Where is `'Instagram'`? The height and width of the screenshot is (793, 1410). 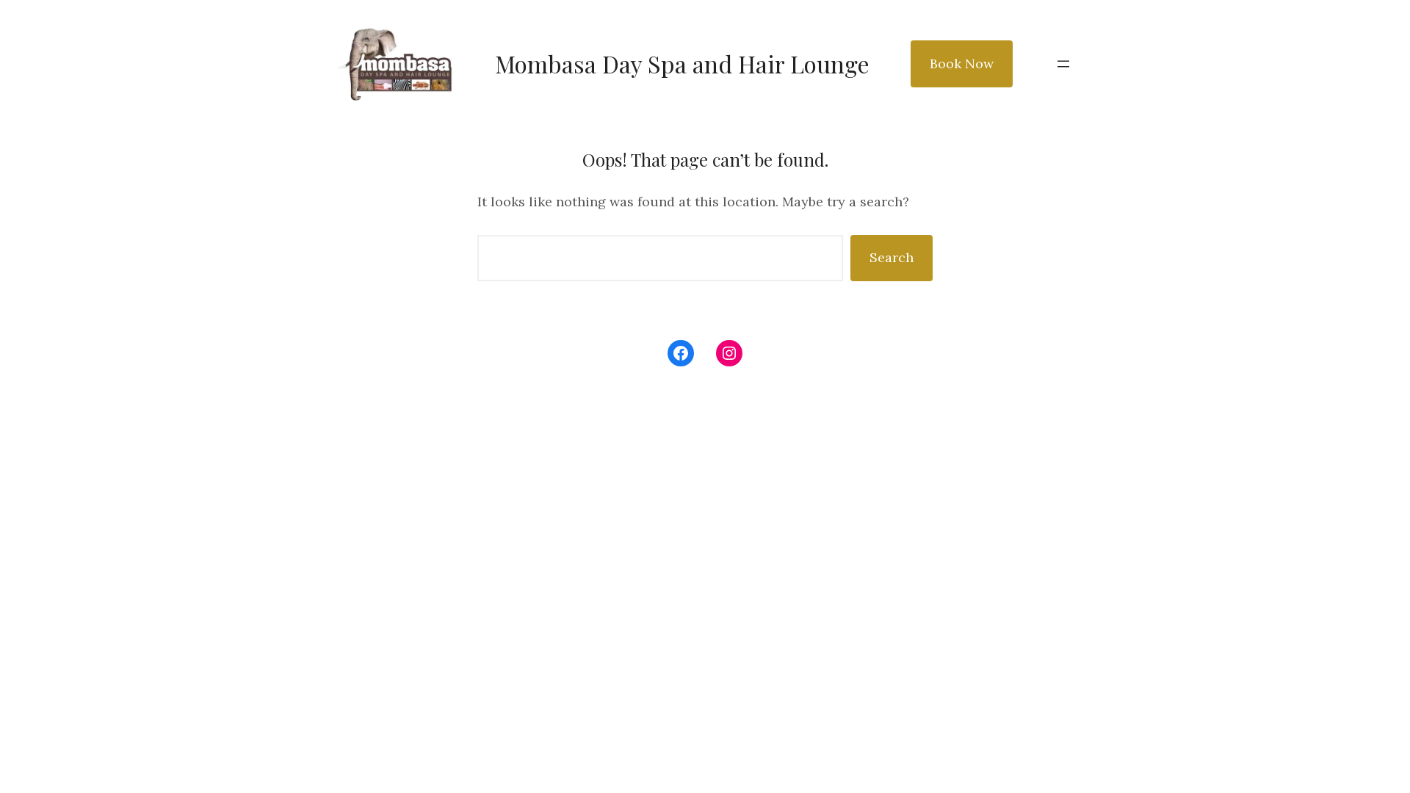 'Instagram' is located at coordinates (729, 353).